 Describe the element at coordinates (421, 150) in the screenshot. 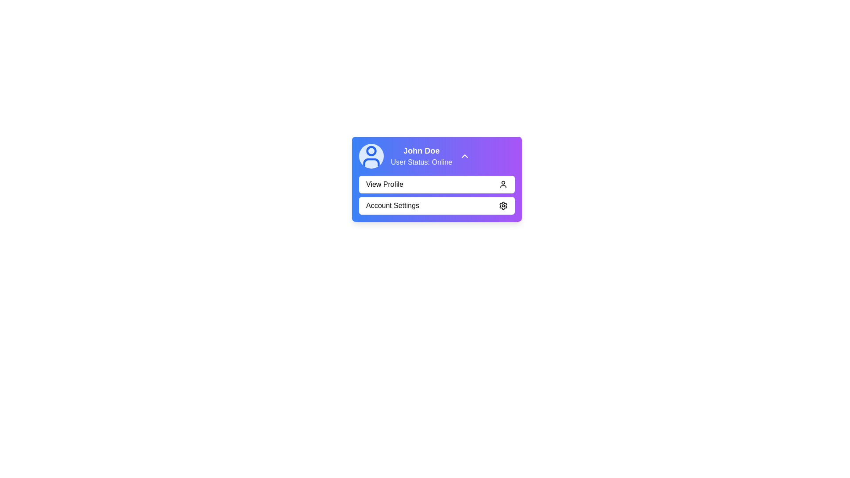

I see `the user's name text label located at the top-right section of the user profile card, which is positioned above the 'User Status: Online' text` at that location.